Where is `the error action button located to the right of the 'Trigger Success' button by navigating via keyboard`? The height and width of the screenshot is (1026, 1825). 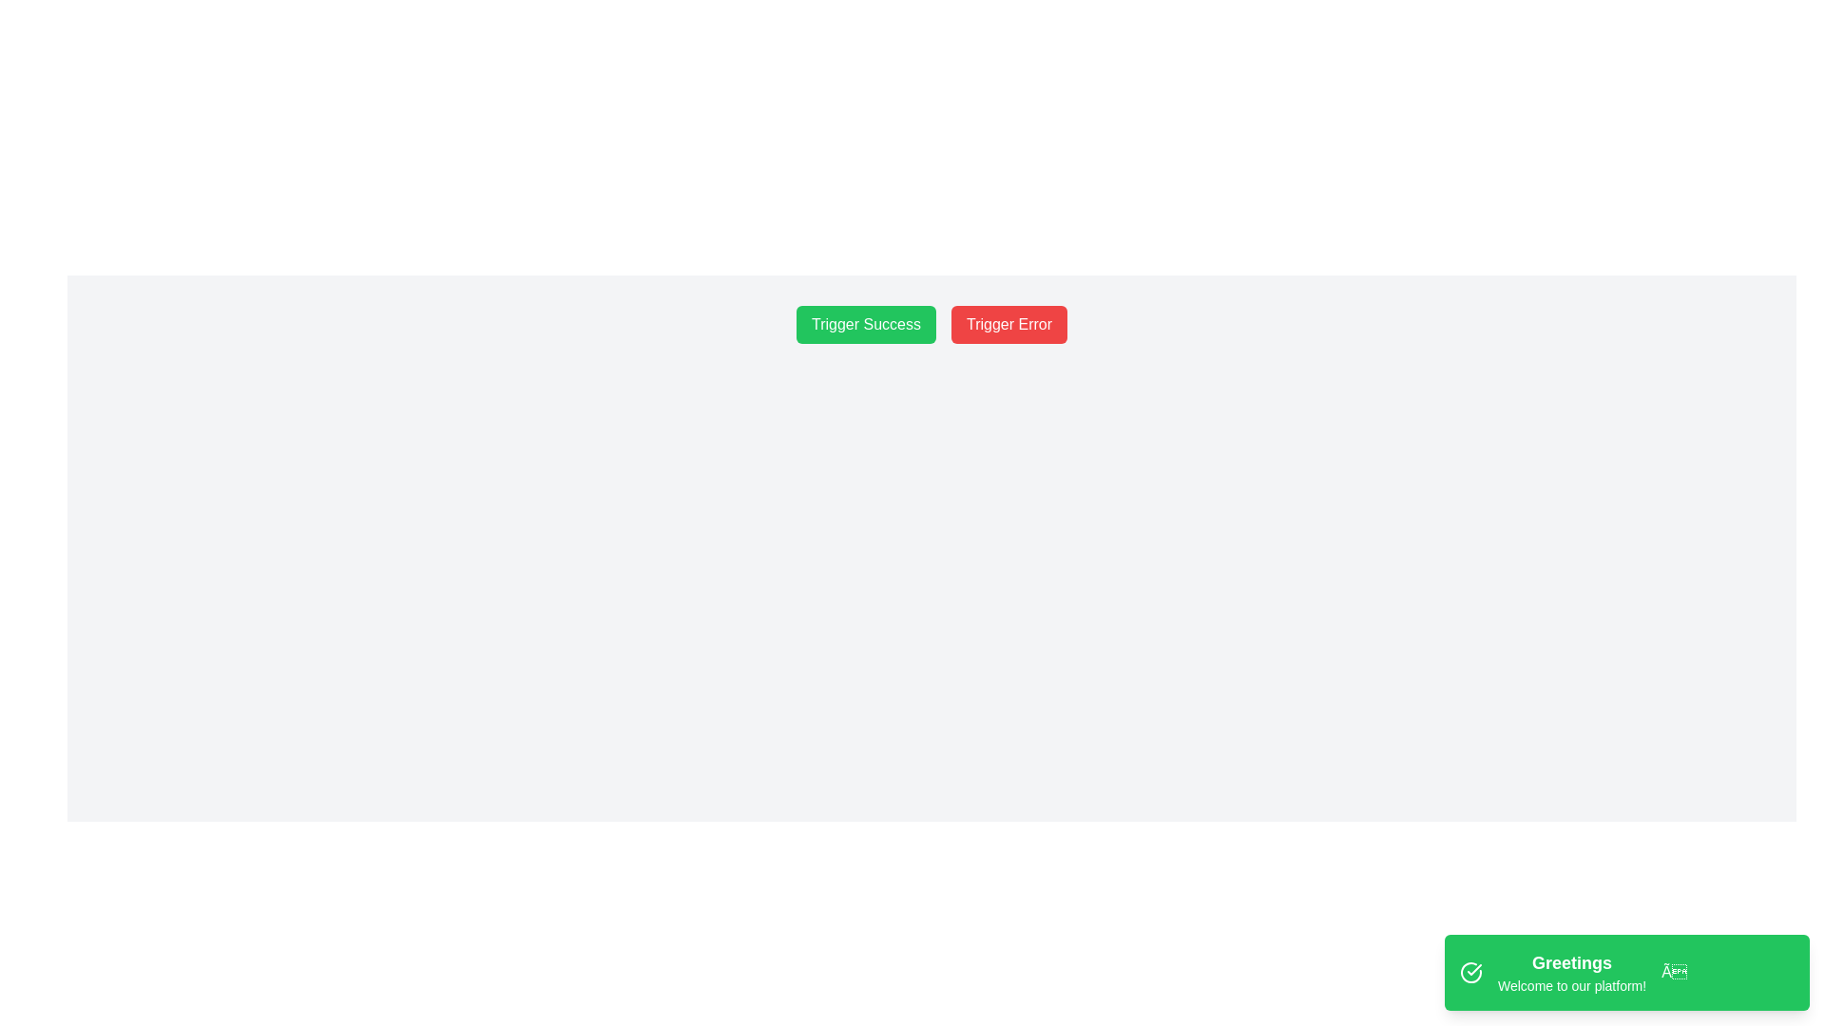
the error action button located to the right of the 'Trigger Success' button by navigating via keyboard is located at coordinates (1008, 324).